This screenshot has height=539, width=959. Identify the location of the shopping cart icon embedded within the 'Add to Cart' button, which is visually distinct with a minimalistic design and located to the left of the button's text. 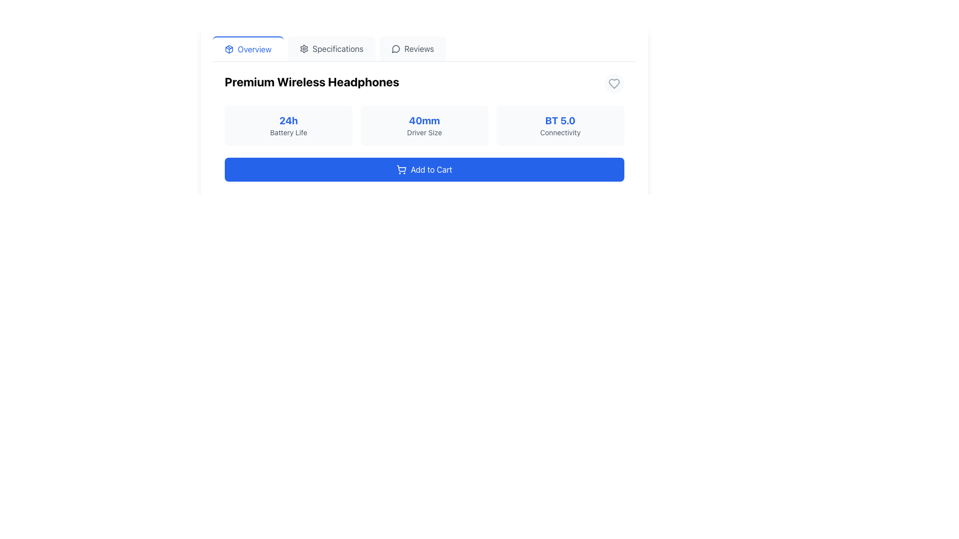
(402, 169).